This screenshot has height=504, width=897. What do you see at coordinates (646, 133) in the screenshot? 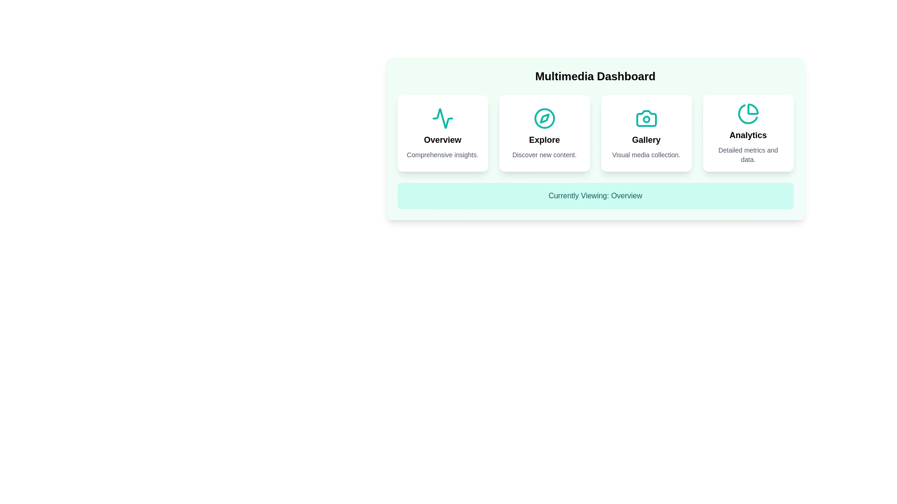
I see `the section card labeled Gallery to preview its animation` at bounding box center [646, 133].